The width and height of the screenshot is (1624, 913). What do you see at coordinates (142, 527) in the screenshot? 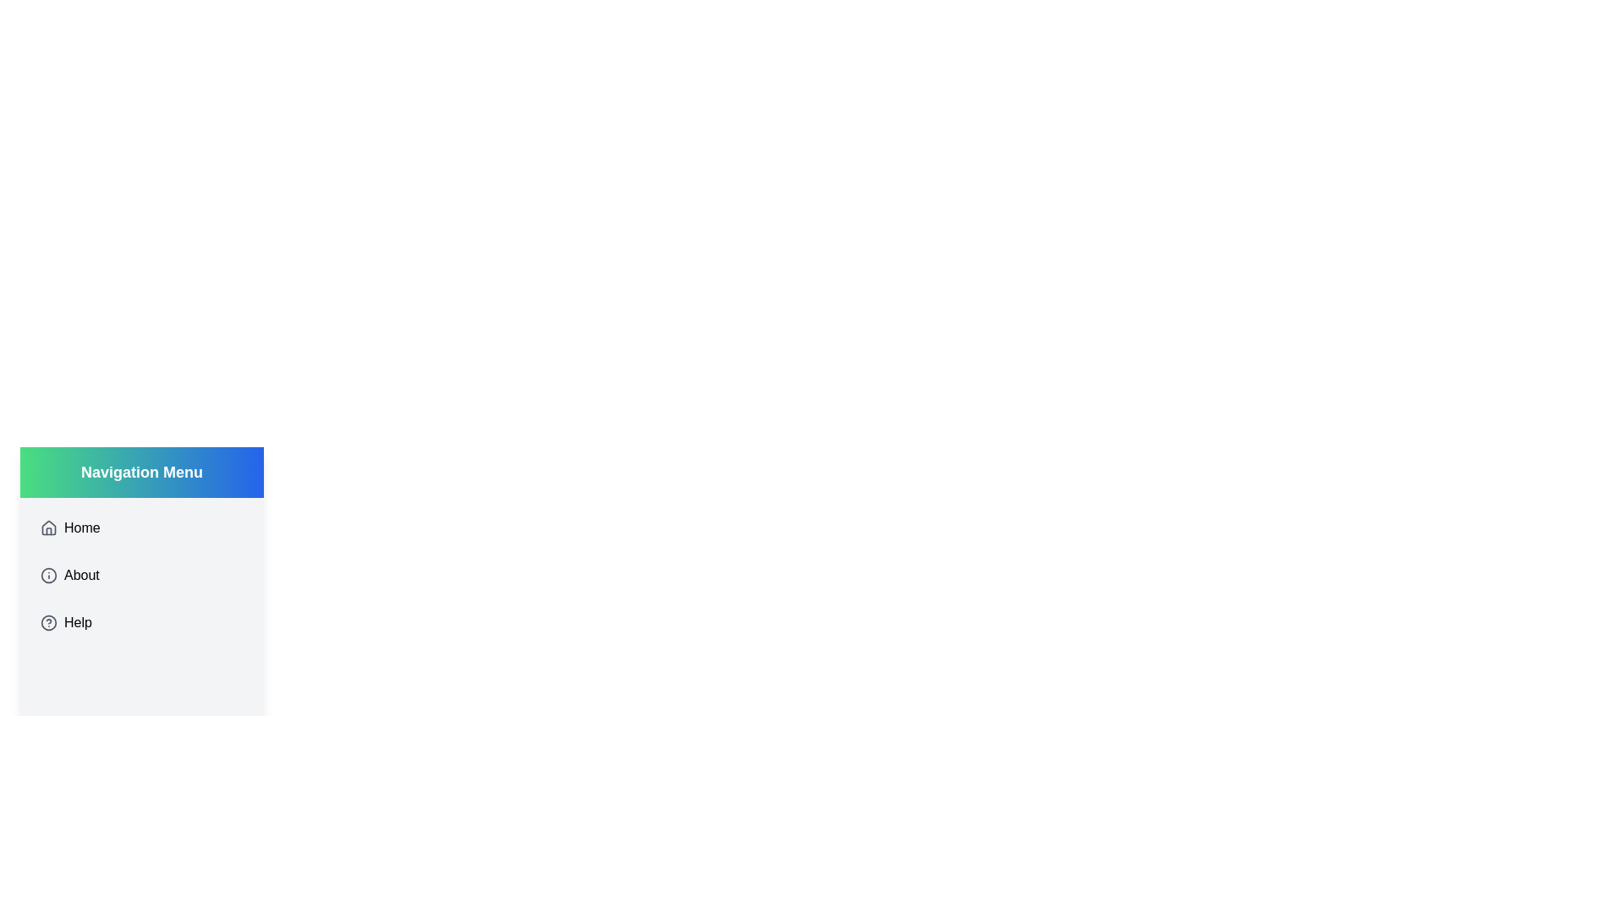
I see `the first navigation item in the vertical menu` at bounding box center [142, 527].